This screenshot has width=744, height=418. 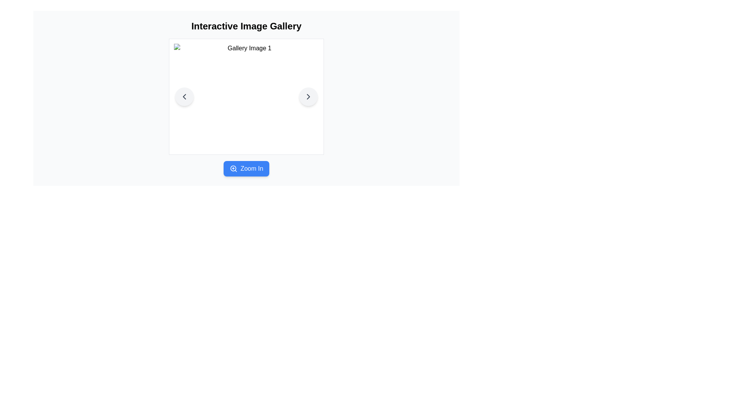 What do you see at coordinates (184, 96) in the screenshot?
I see `the circular button with a light gray background and a leftward-pointing chevron arrow to observe the hover effect` at bounding box center [184, 96].